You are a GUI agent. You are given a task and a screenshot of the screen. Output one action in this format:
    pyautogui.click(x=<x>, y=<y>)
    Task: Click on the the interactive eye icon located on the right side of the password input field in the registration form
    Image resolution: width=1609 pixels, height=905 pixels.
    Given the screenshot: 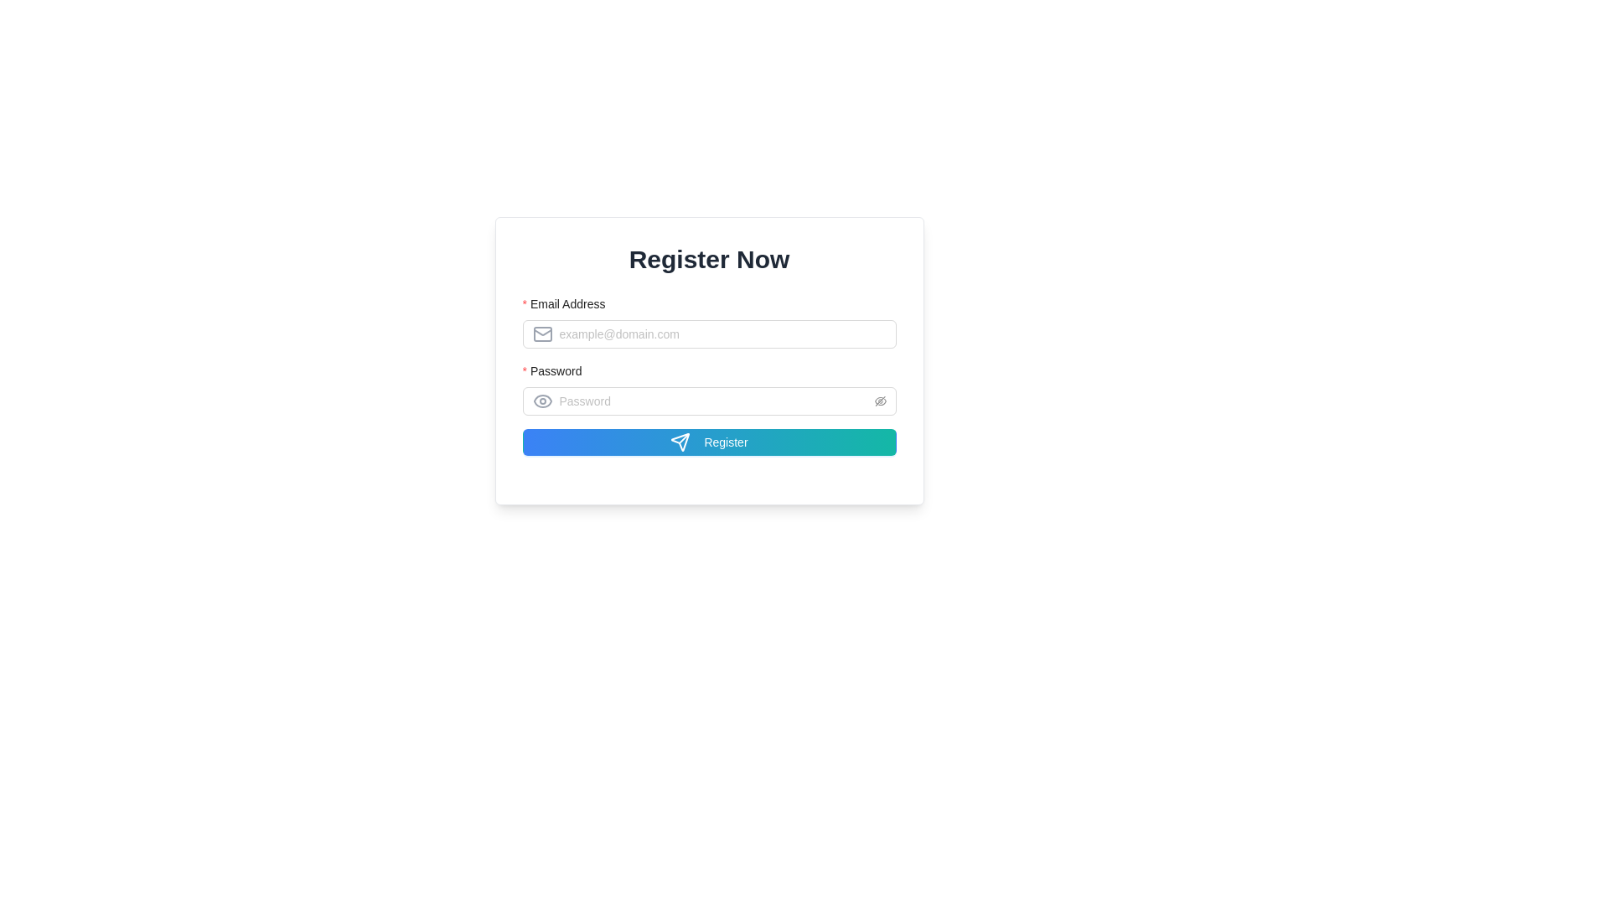 What is the action you would take?
    pyautogui.click(x=542, y=401)
    